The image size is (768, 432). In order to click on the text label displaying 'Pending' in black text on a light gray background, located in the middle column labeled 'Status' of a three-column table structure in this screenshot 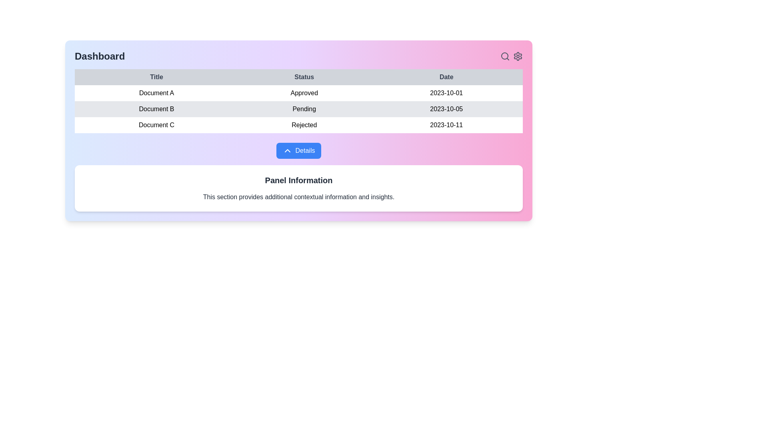, I will do `click(304, 109)`.